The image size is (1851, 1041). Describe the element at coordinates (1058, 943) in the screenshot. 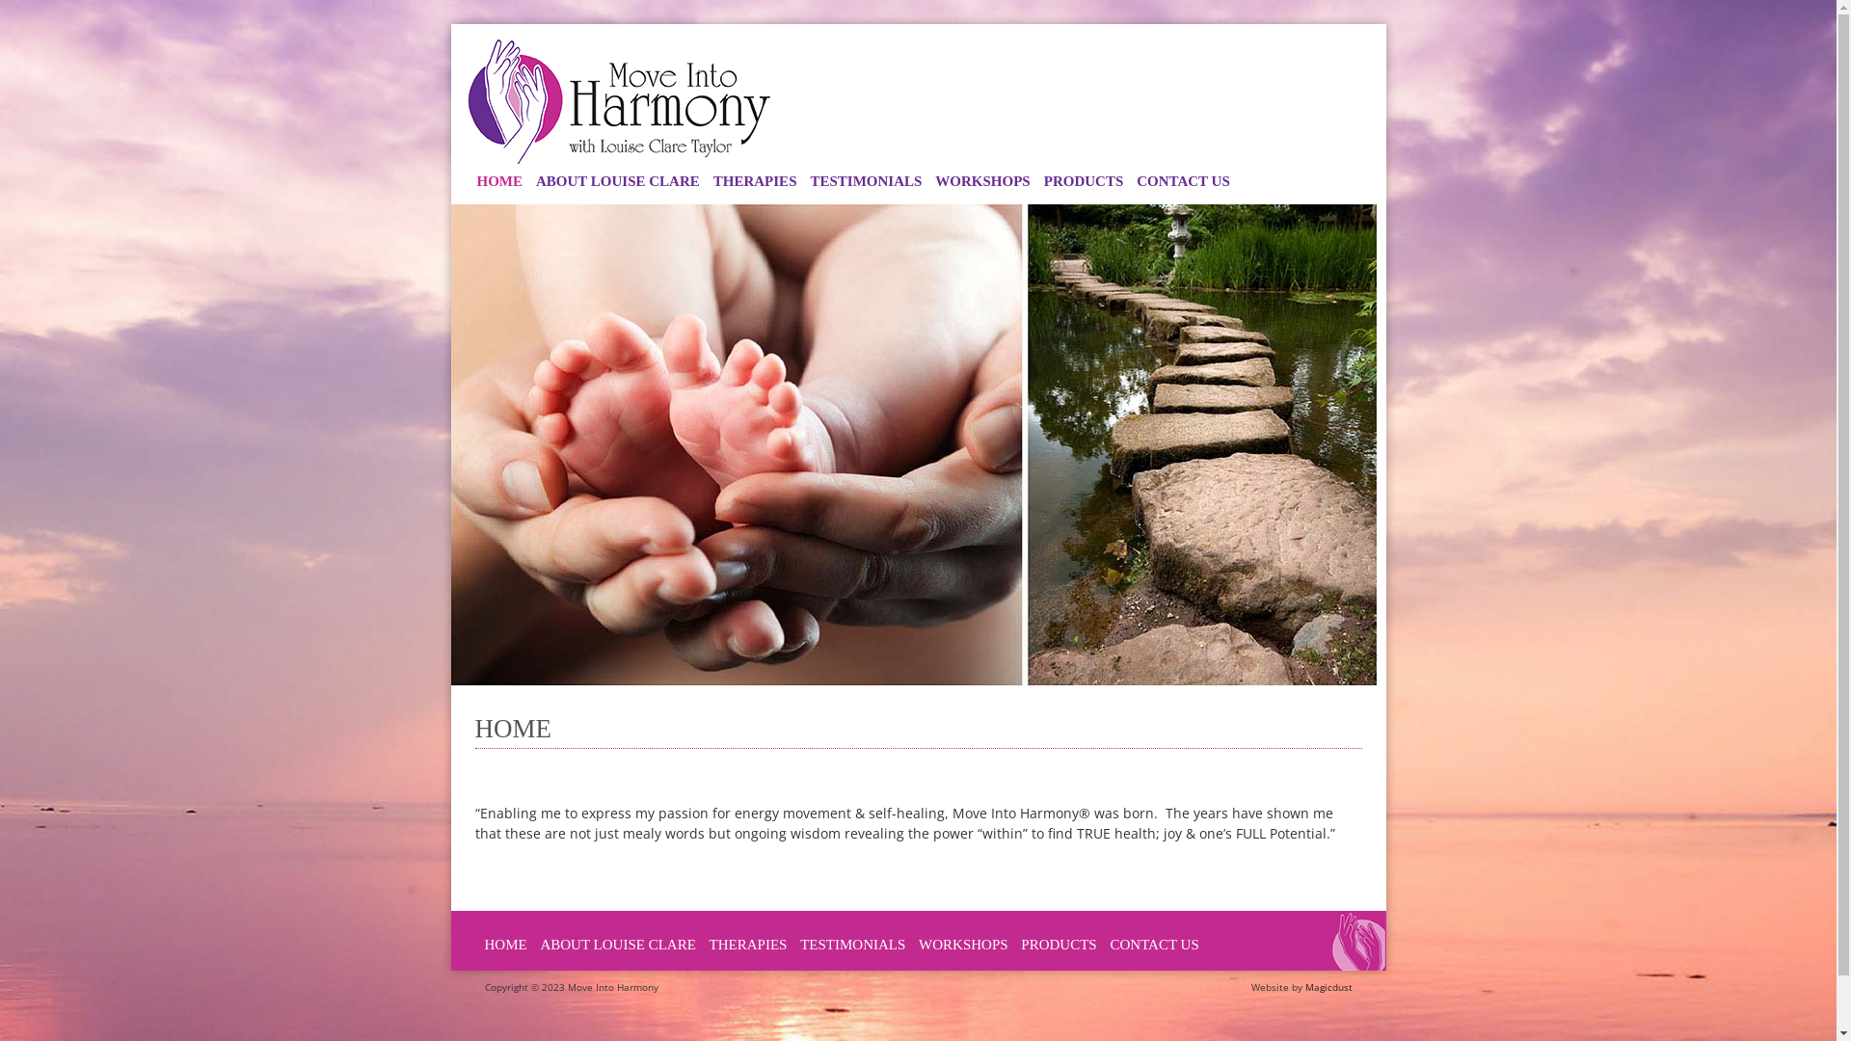

I see `'PRODUCTS'` at that location.